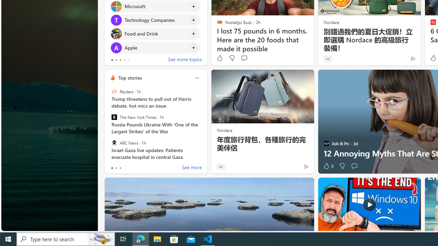 The height and width of the screenshot is (246, 438). I want to click on 'tab-4', so click(128, 60).